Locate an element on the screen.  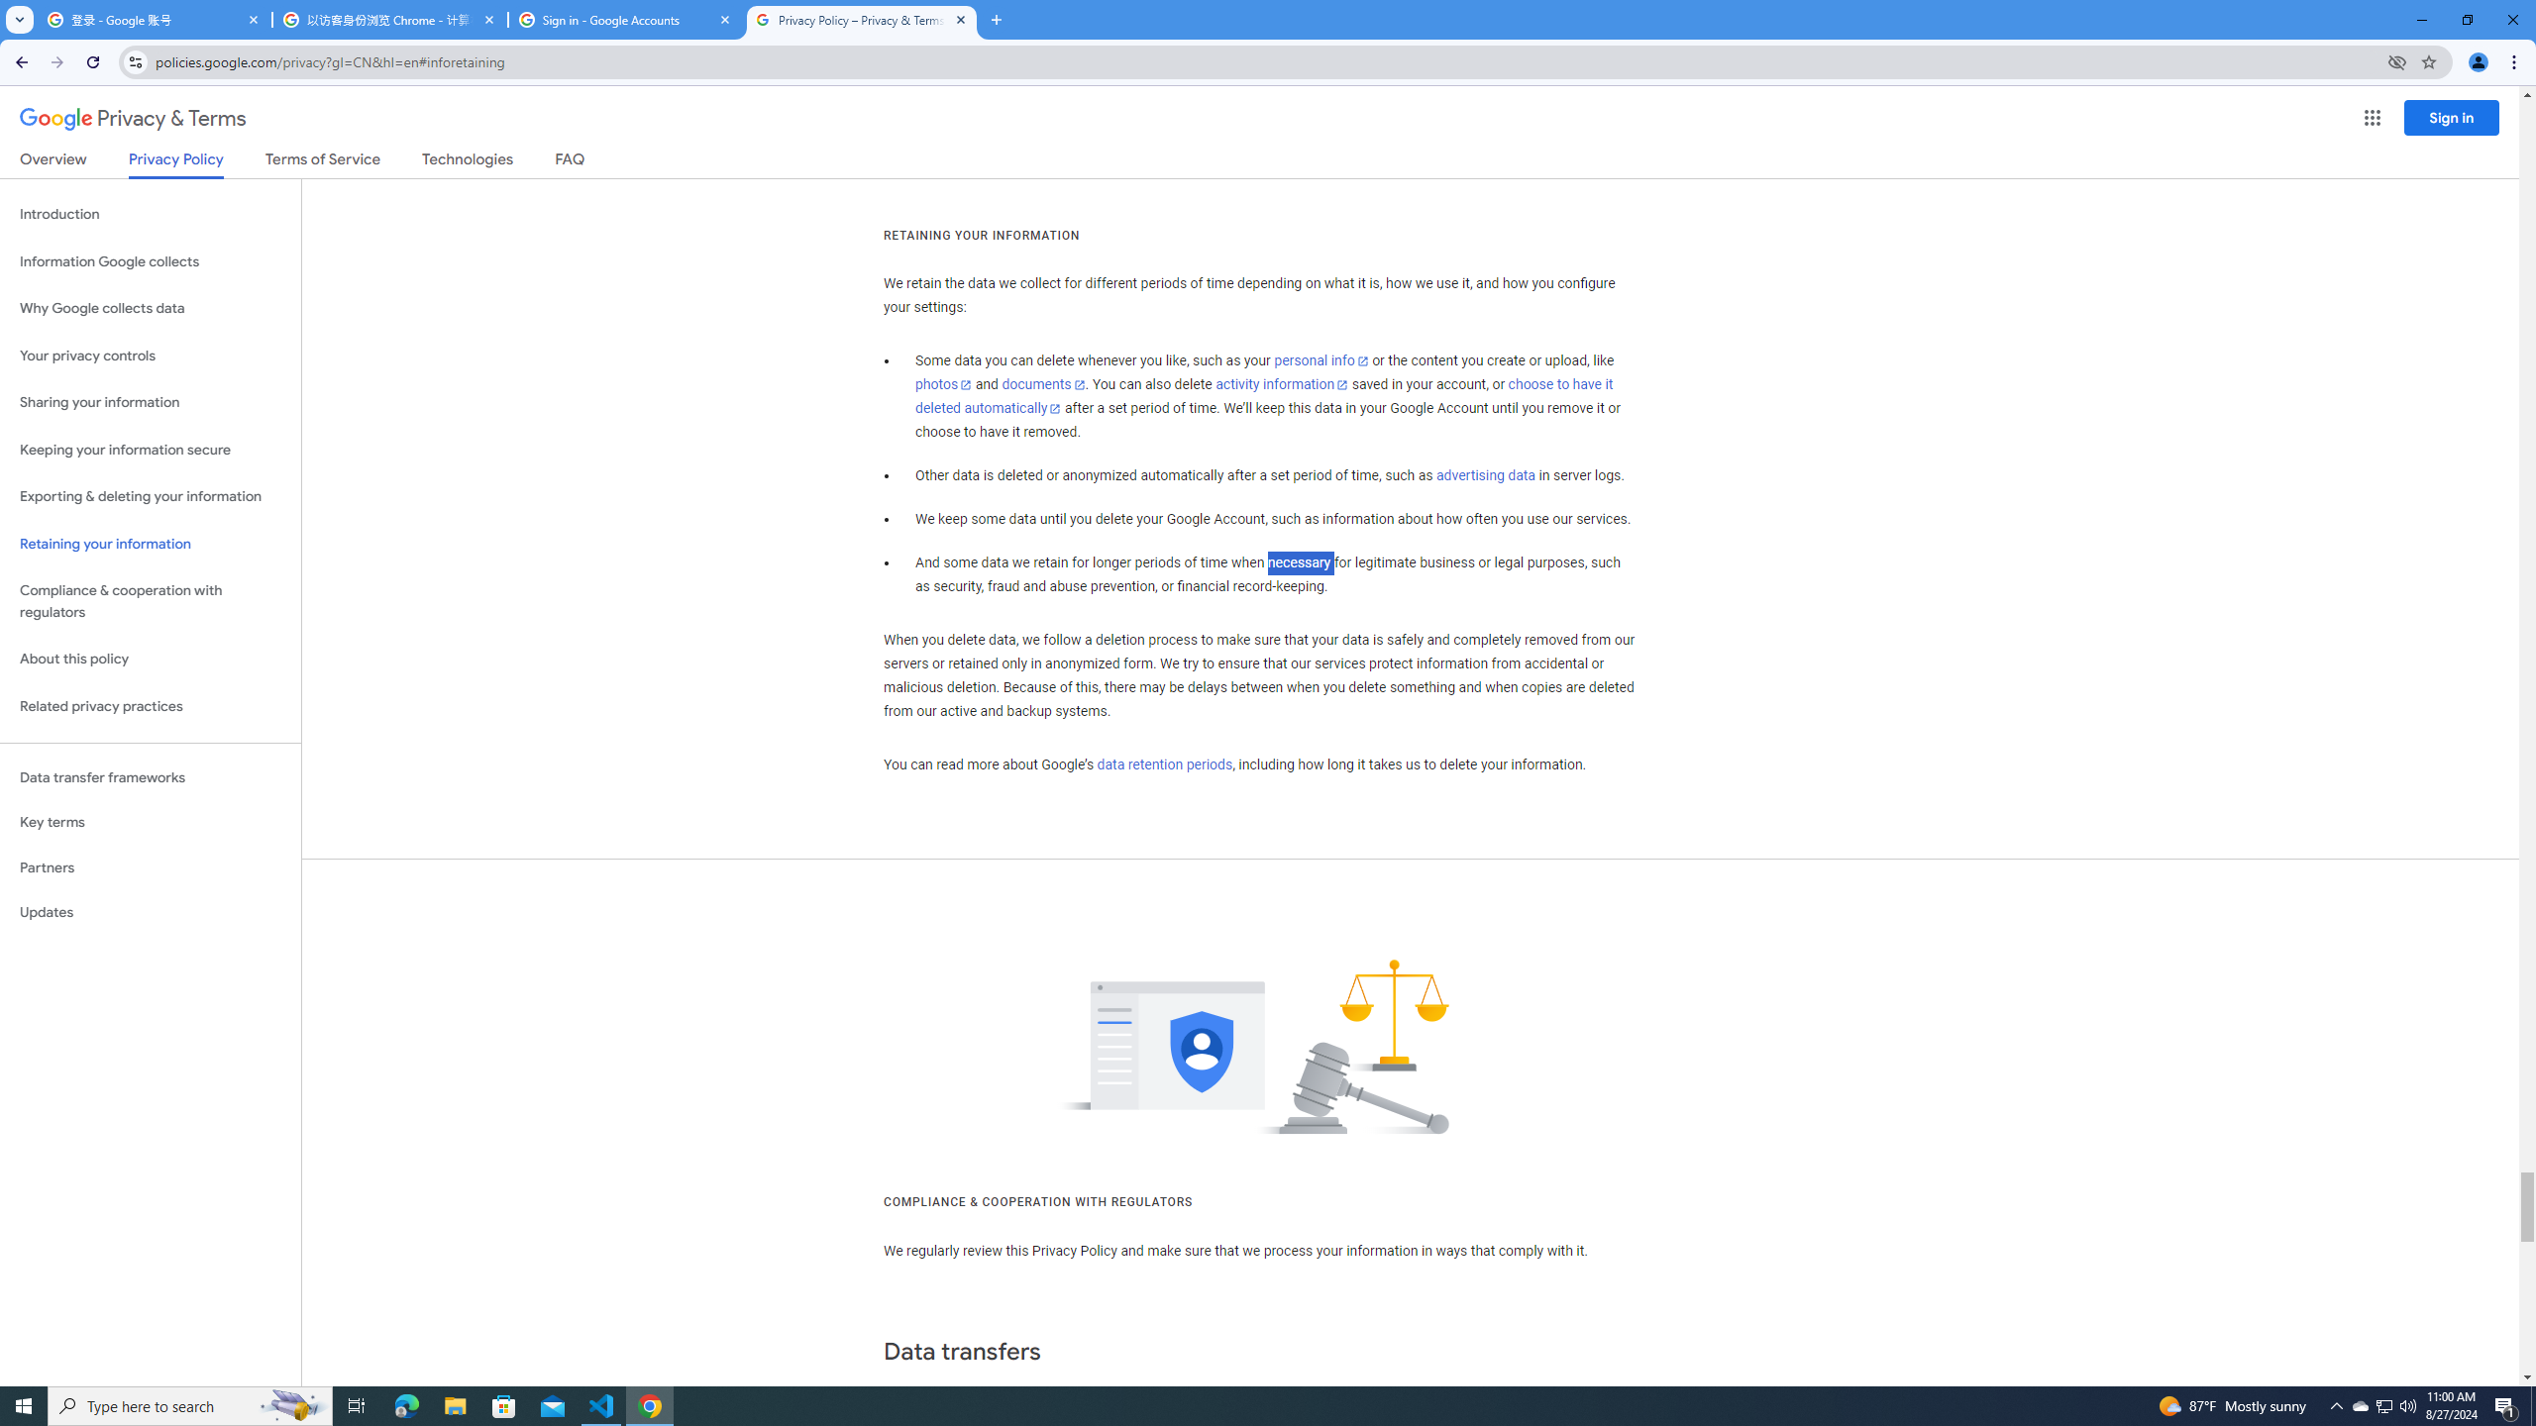
'Exporting & deleting your information' is located at coordinates (150, 496).